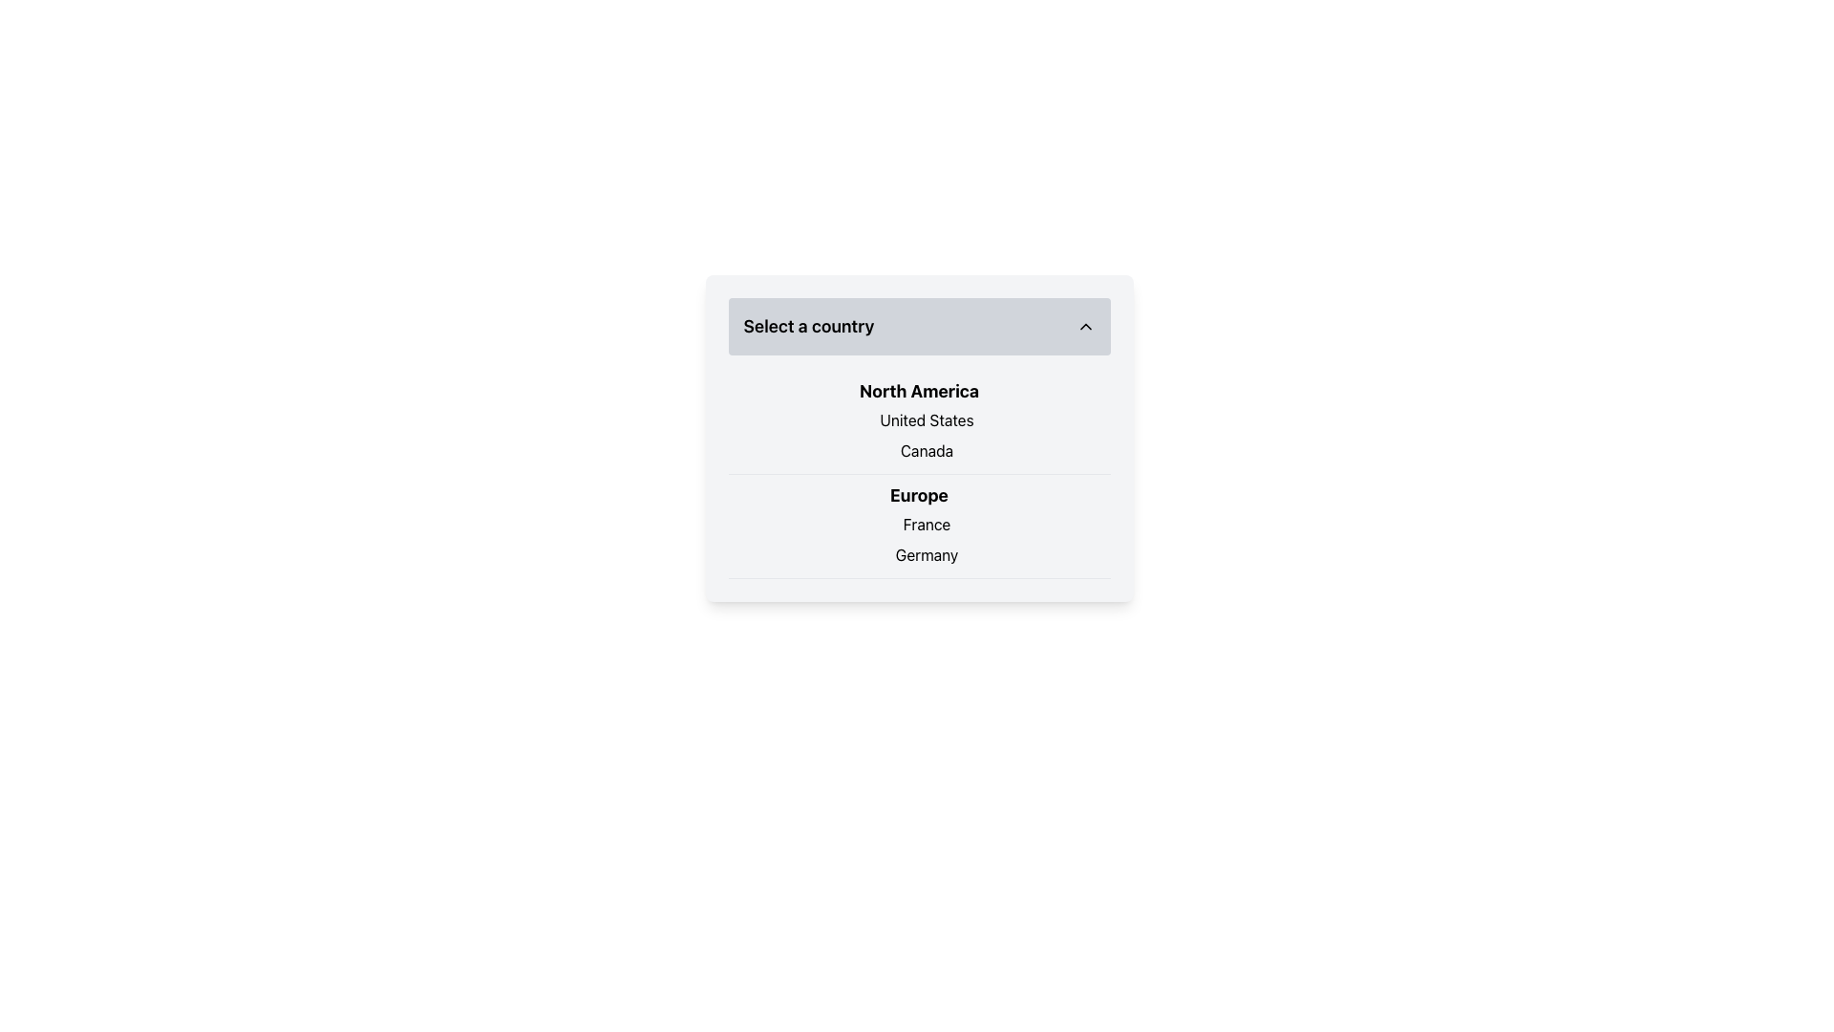  Describe the element at coordinates (919, 495) in the screenshot. I see `the bold, large-sized text displaying the word 'Europe', which is centrally positioned in the dropdown above 'France' and 'Germany'` at that location.